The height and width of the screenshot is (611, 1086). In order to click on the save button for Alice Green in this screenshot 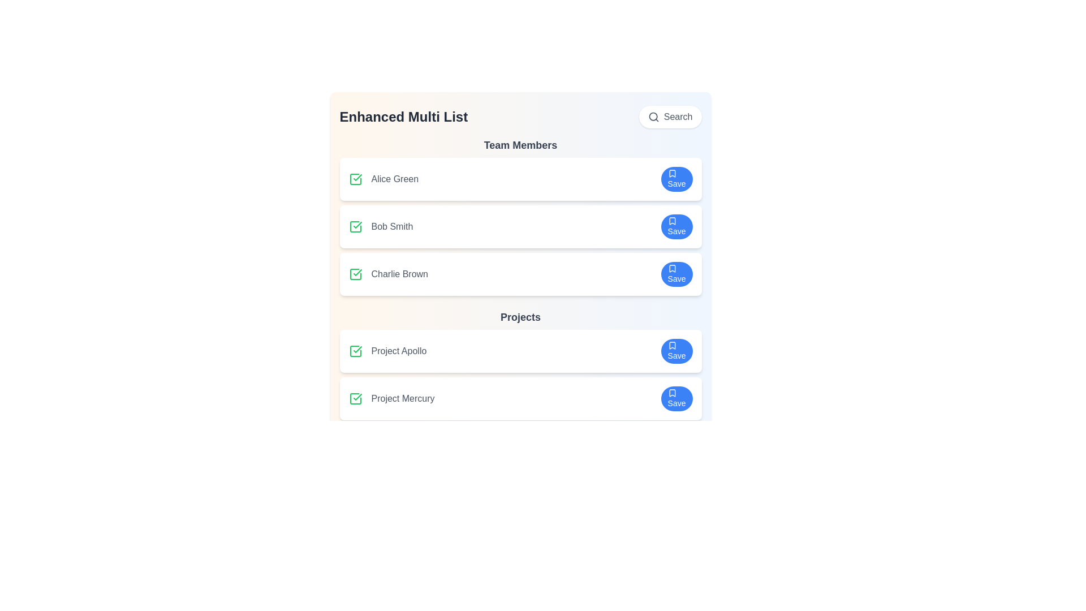, I will do `click(676, 178)`.